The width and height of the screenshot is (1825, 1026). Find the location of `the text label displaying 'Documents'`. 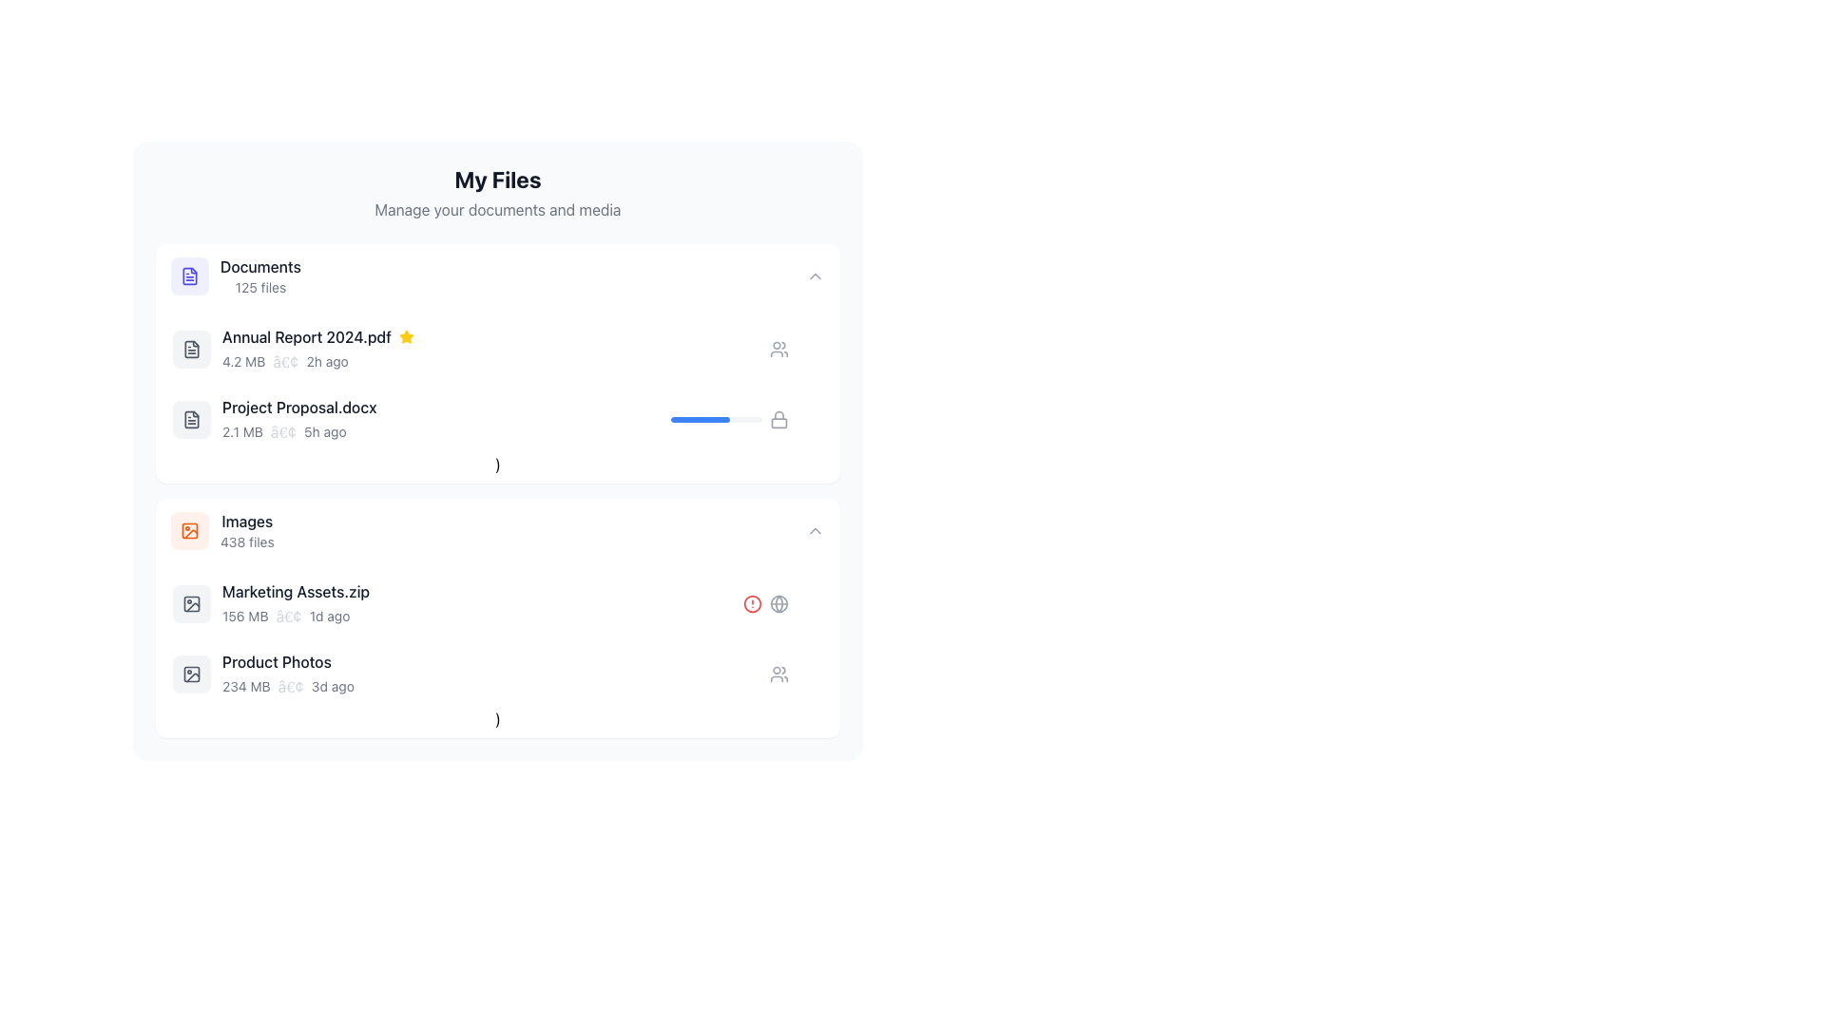

the text label displaying 'Documents' is located at coordinates (259, 267).